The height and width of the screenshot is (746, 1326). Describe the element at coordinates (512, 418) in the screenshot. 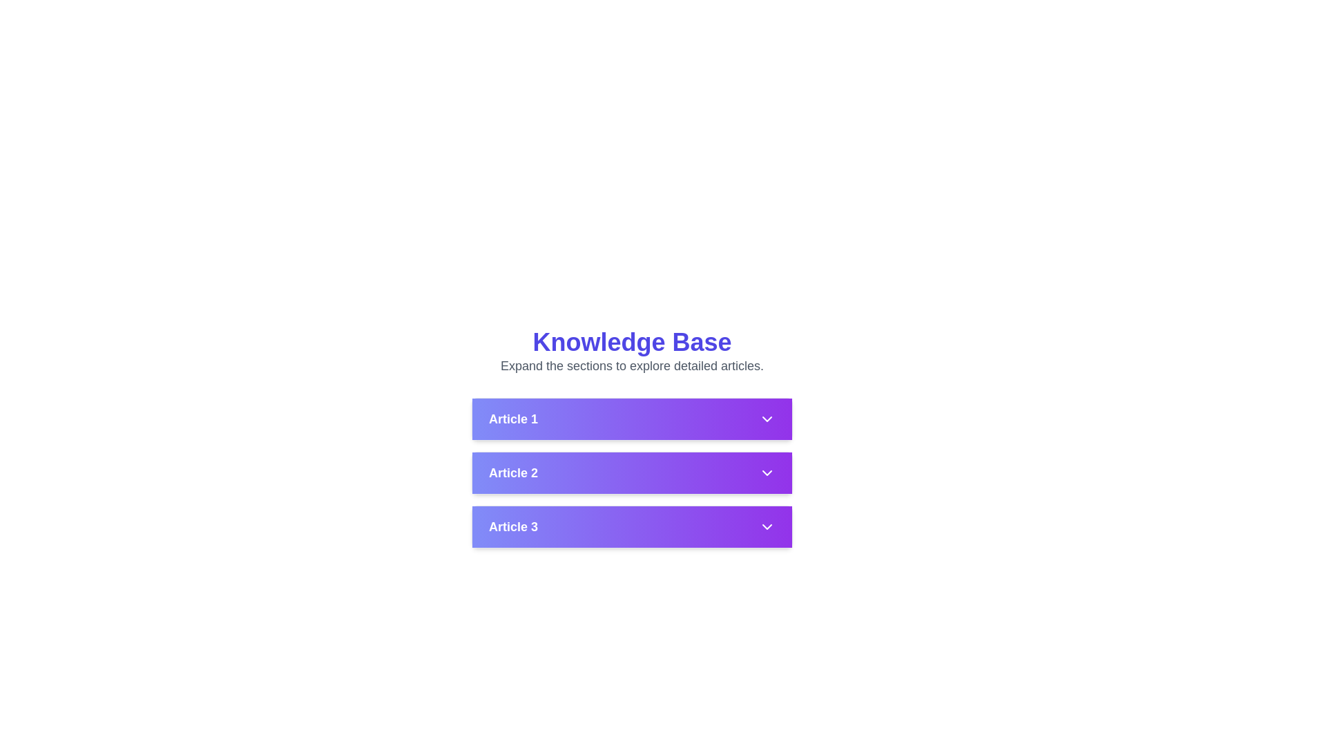

I see `the text label 'Article 1', which is styled with a bold font and white color, located within a gradient-filled rectangular area` at that location.